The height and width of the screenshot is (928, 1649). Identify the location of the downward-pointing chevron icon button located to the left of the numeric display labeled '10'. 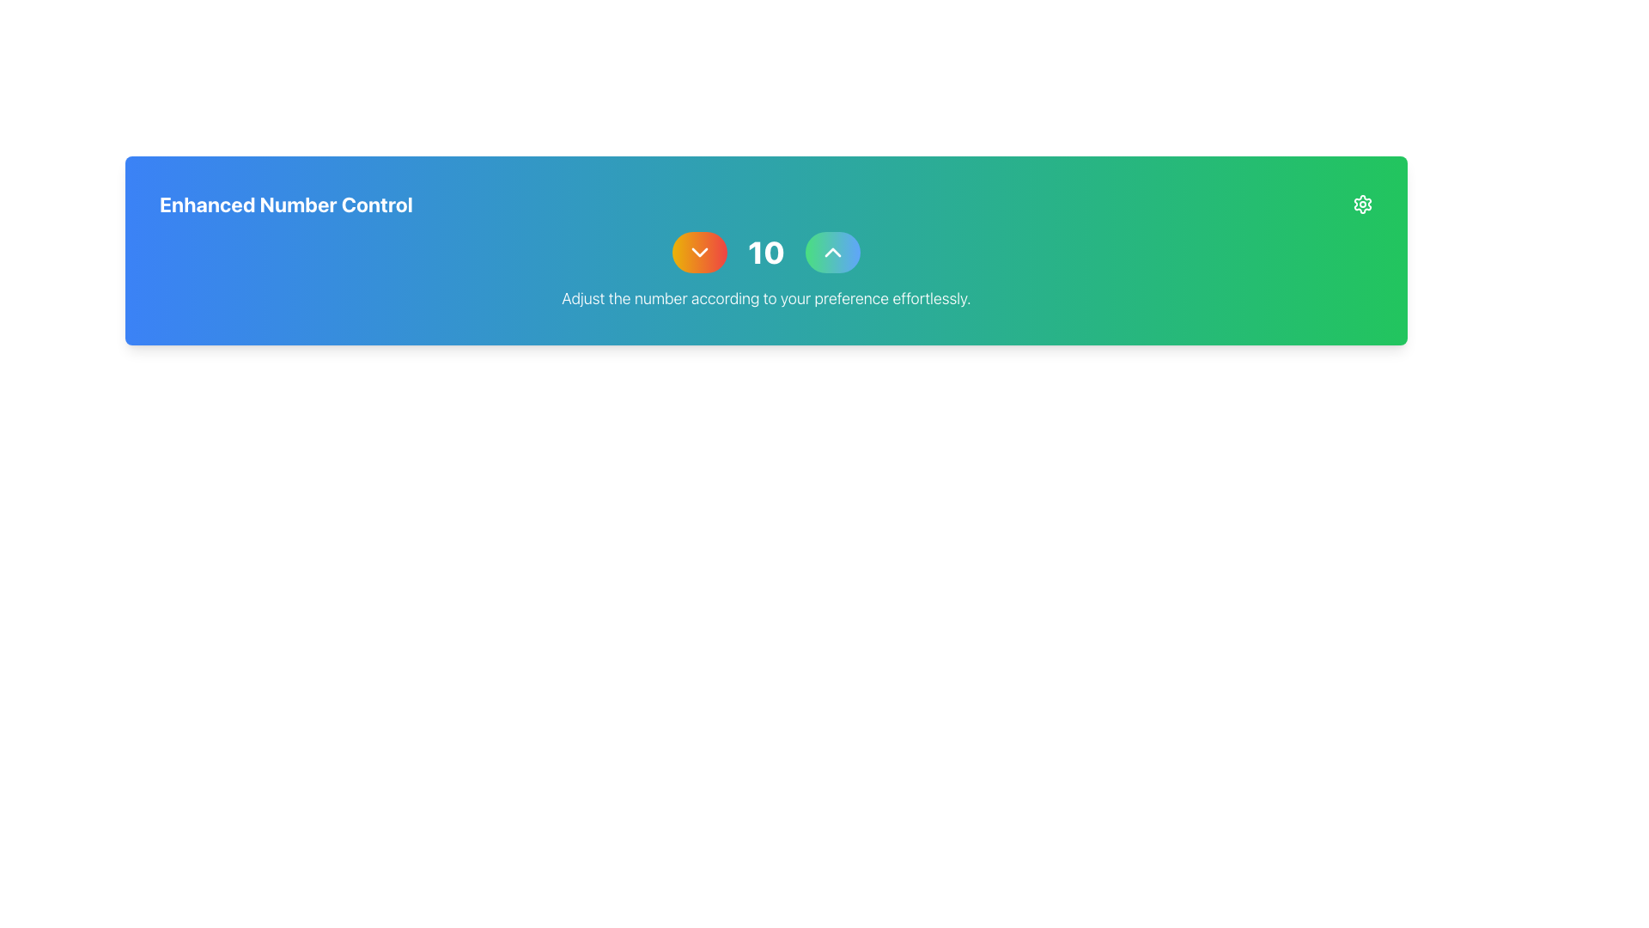
(700, 252).